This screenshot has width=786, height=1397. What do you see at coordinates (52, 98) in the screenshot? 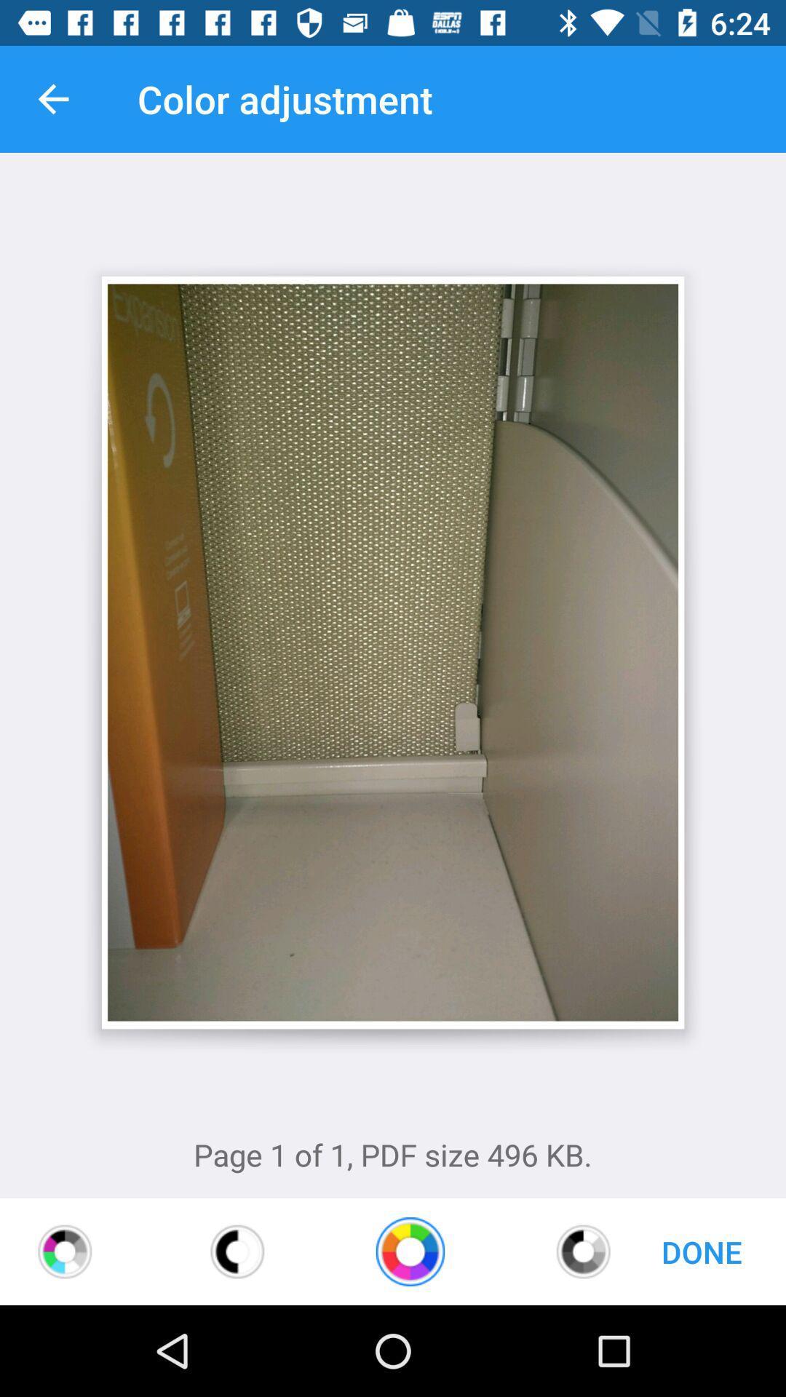
I see `icon at the top left corner` at bounding box center [52, 98].